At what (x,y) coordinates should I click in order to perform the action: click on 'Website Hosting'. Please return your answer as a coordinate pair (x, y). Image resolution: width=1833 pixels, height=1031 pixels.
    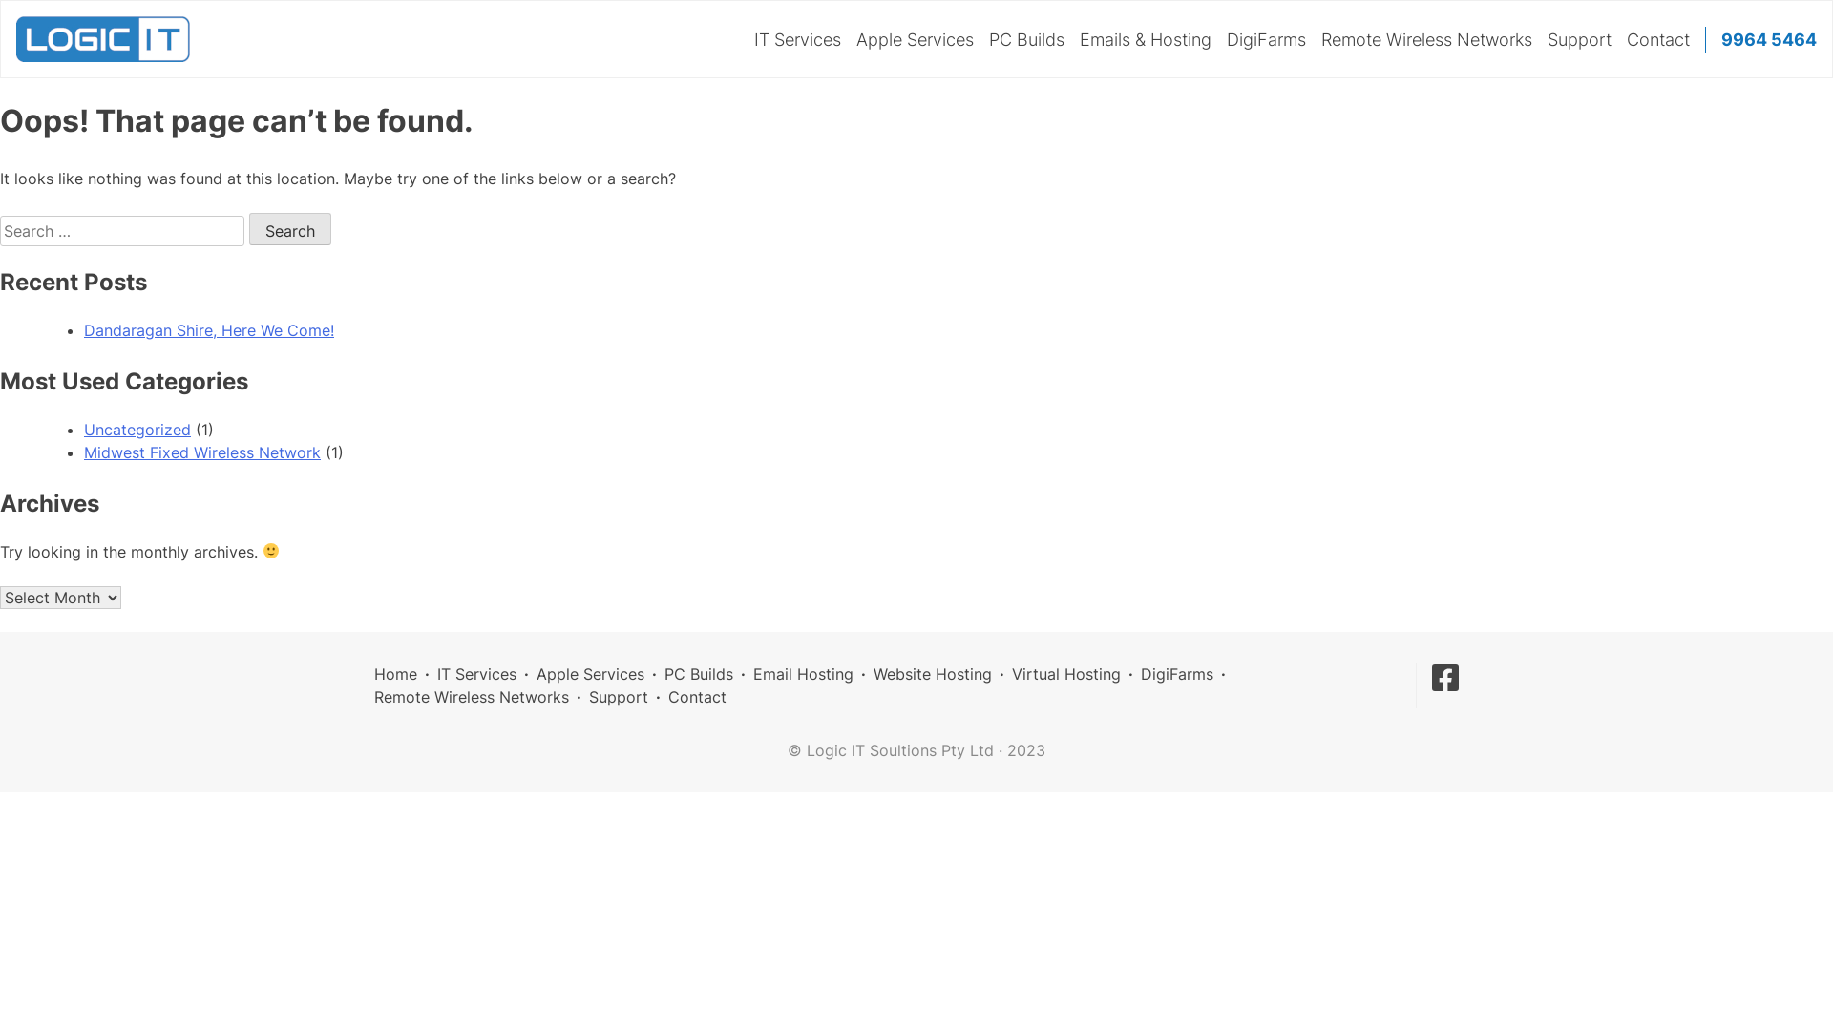
    Looking at the image, I should click on (933, 672).